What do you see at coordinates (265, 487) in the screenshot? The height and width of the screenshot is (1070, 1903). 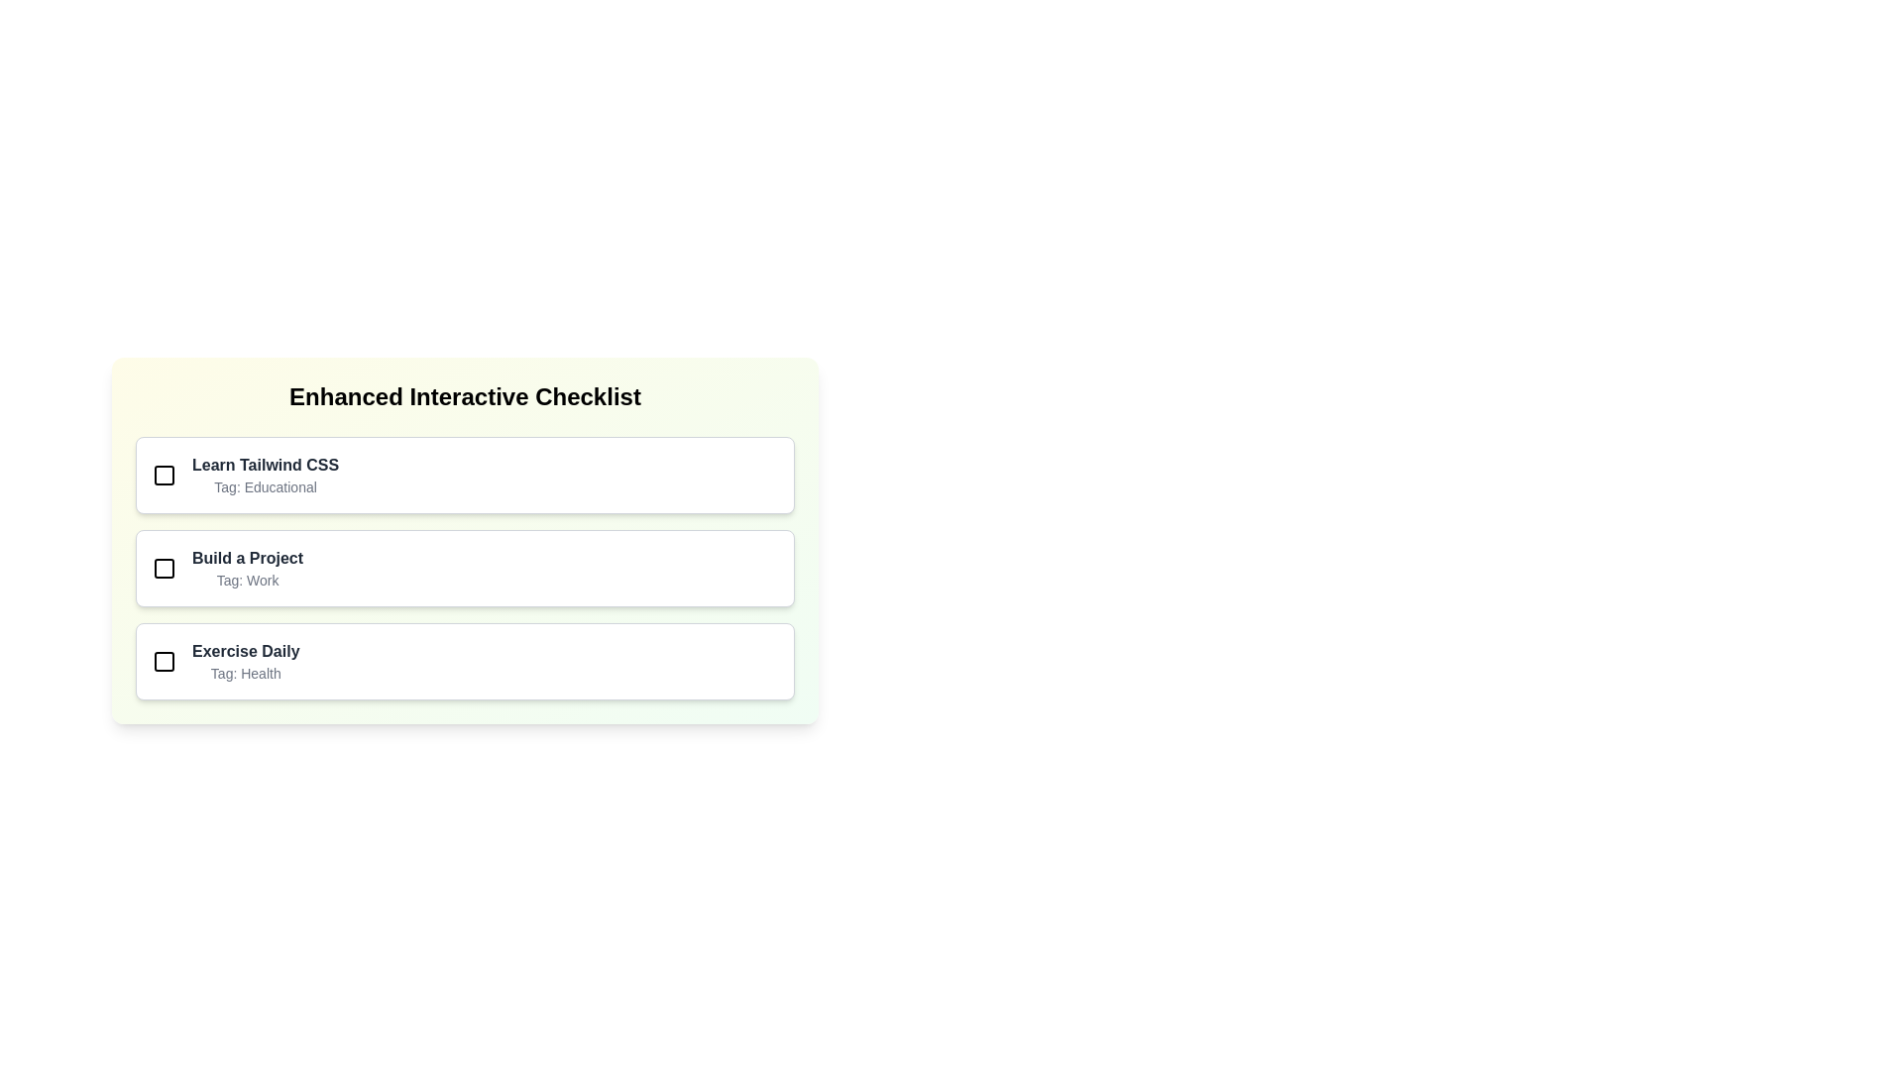 I see `text label that provides additional classification or metadata about the checklist item, located below 'Learn Tailwind CSS' and above 'Build a Project'` at bounding box center [265, 487].